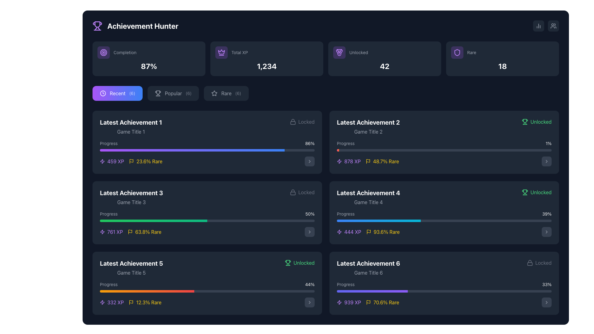 This screenshot has height=334, width=594. Describe the element at coordinates (131, 301) in the screenshot. I see `the small flag icon representing an achievement, located in the 'Latest Achievement 5' section, adjacent to the XP value and before the rarity percentage` at that location.